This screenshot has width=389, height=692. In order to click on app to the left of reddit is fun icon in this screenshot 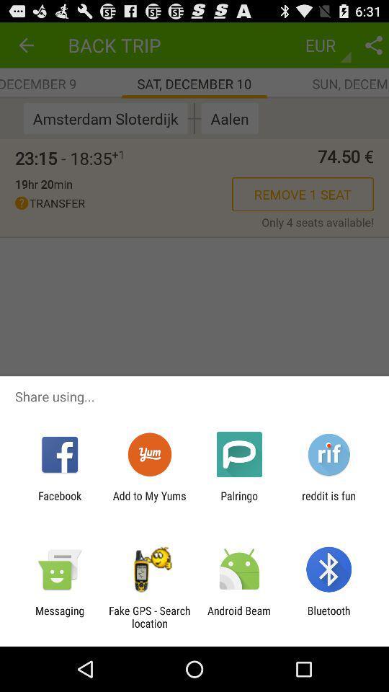, I will do `click(239, 502)`.